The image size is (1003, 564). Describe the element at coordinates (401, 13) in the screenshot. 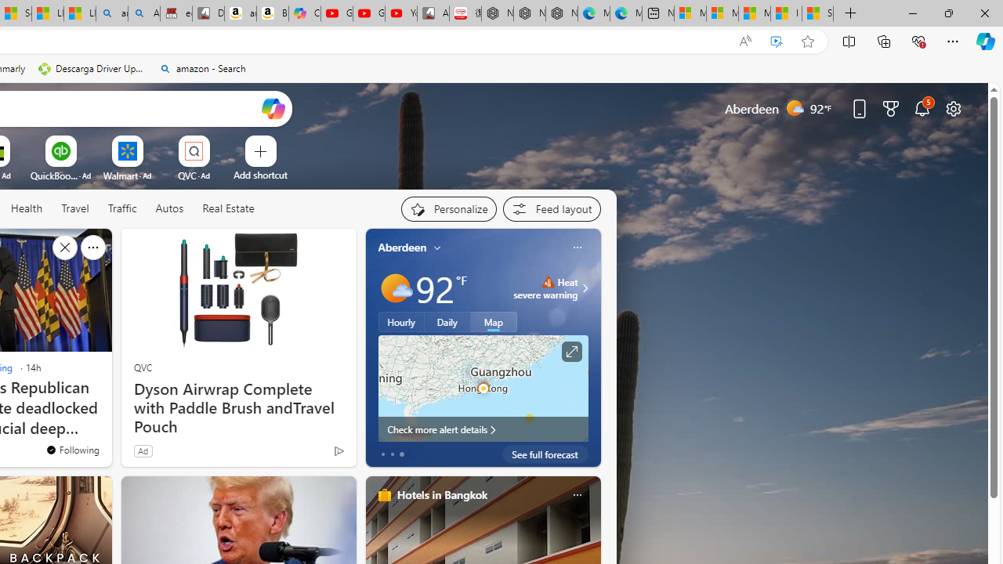

I see `'YouTube Kids - An App Created for Kids to Explore Content'` at that location.